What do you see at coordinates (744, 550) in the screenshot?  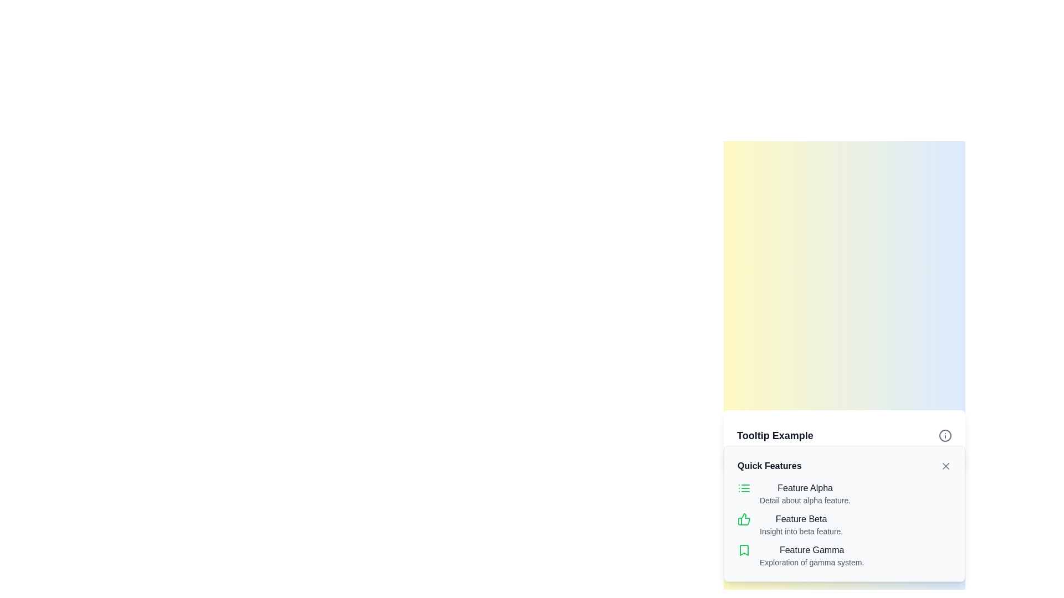 I see `the bookmark icon located` at bounding box center [744, 550].